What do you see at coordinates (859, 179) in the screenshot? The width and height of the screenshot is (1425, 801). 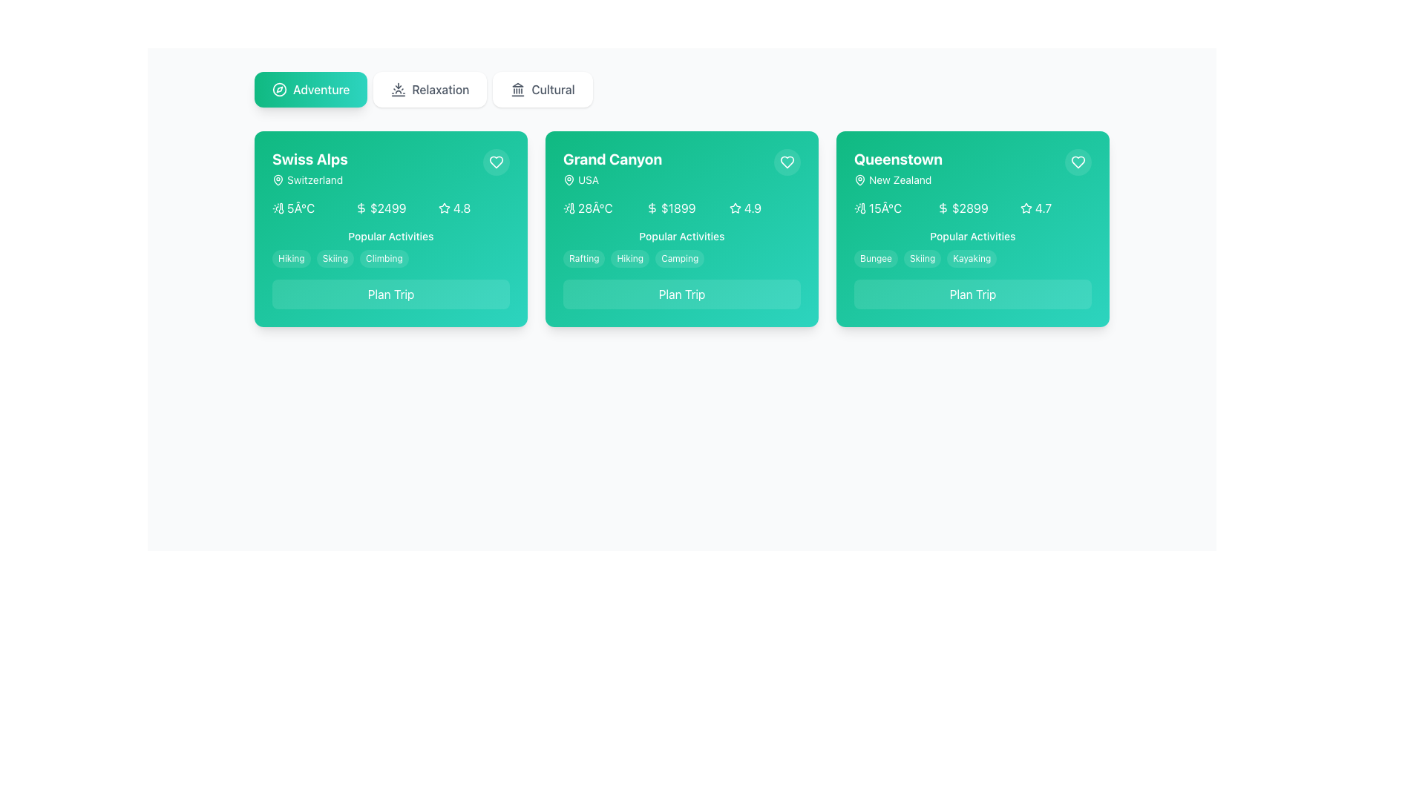 I see `the location marker icon indicating 'New Zealand', which is positioned above and to the left of the text label within the Queenstown card` at bounding box center [859, 179].